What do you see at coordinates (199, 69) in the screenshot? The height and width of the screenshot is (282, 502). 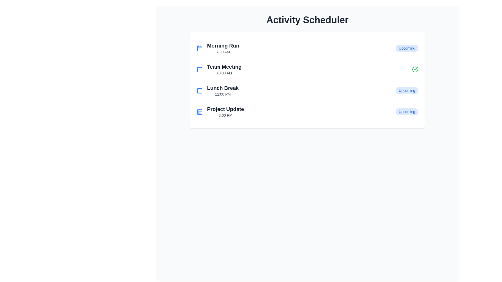 I see `the blue and white calendar icon located at the leftmost side of the 'Team Meeting' item in the activity schedule, which is at 10:00 AM` at bounding box center [199, 69].